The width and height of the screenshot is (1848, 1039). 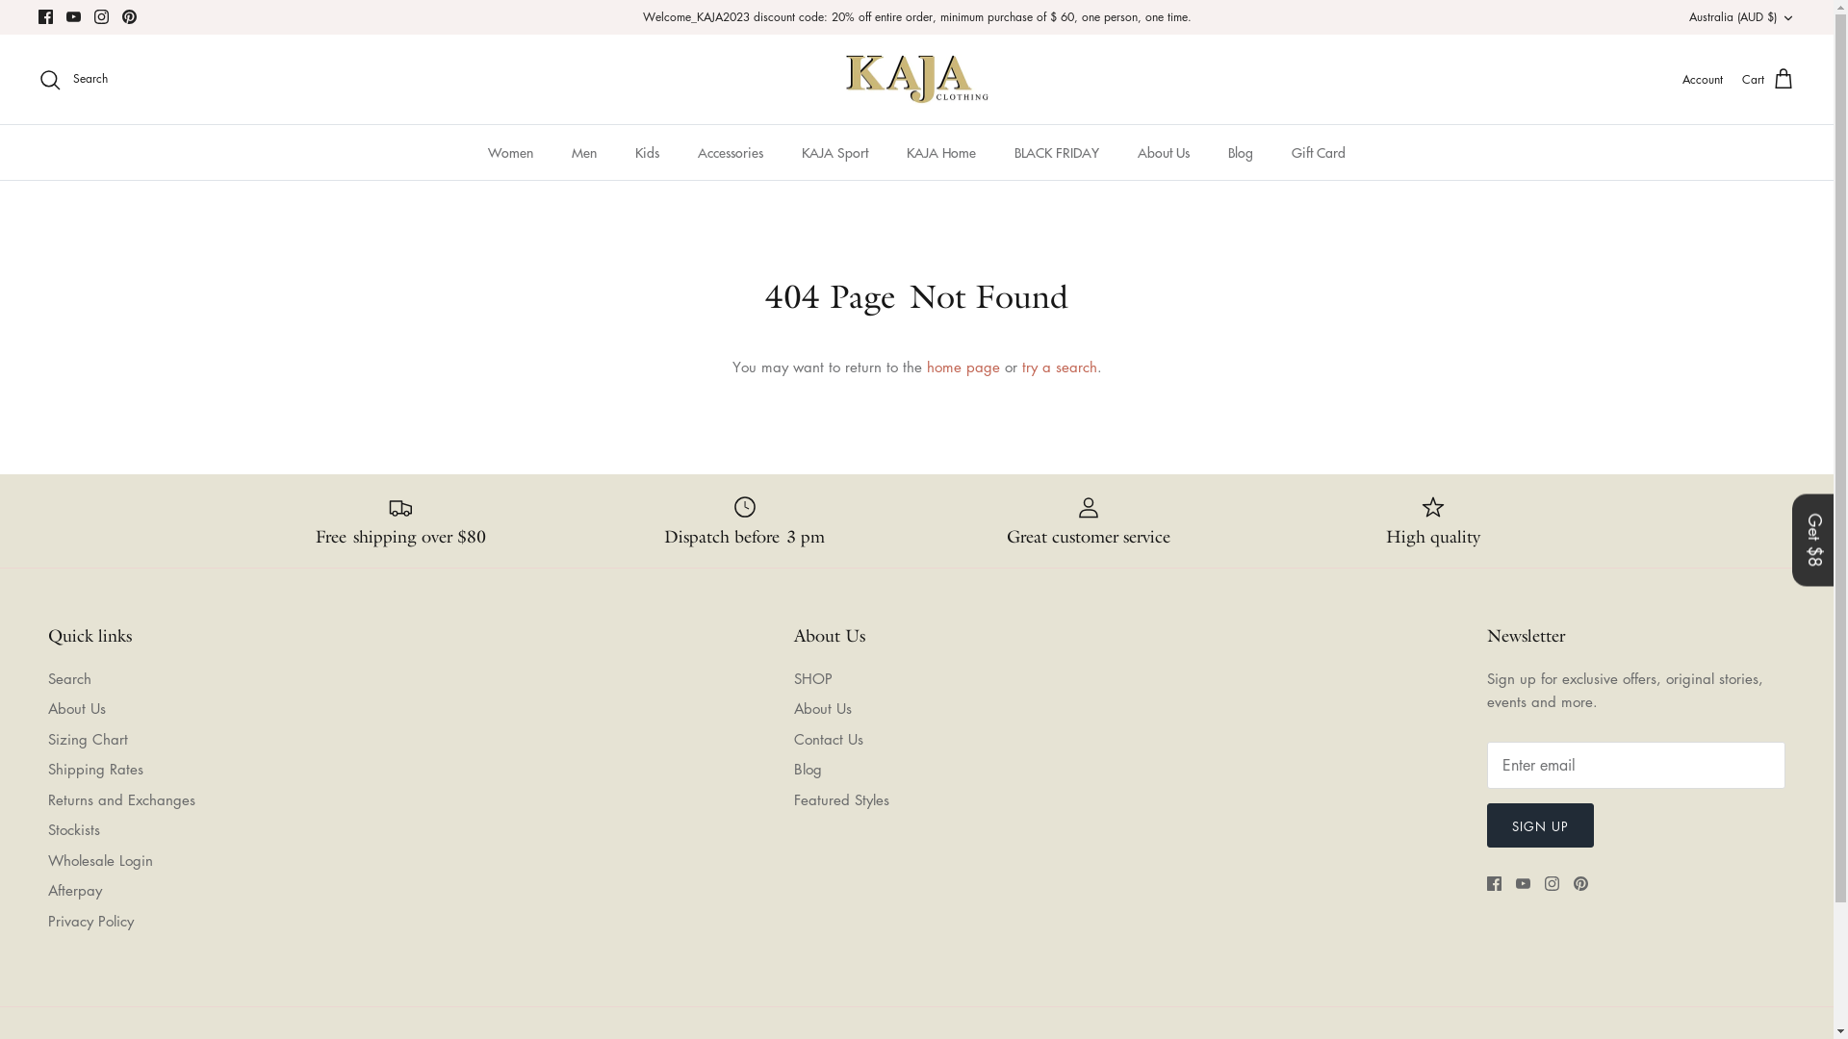 What do you see at coordinates (1241, 151) in the screenshot?
I see `'Blog'` at bounding box center [1241, 151].